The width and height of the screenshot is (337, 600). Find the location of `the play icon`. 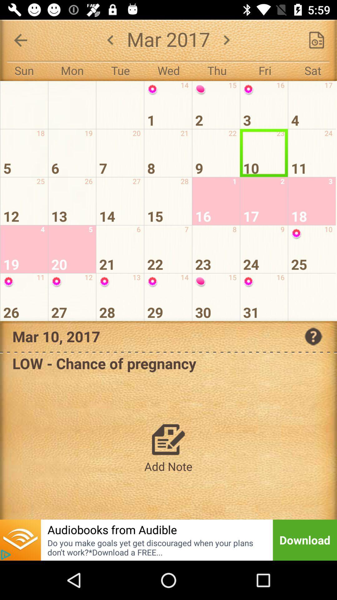

the play icon is located at coordinates (6, 555).